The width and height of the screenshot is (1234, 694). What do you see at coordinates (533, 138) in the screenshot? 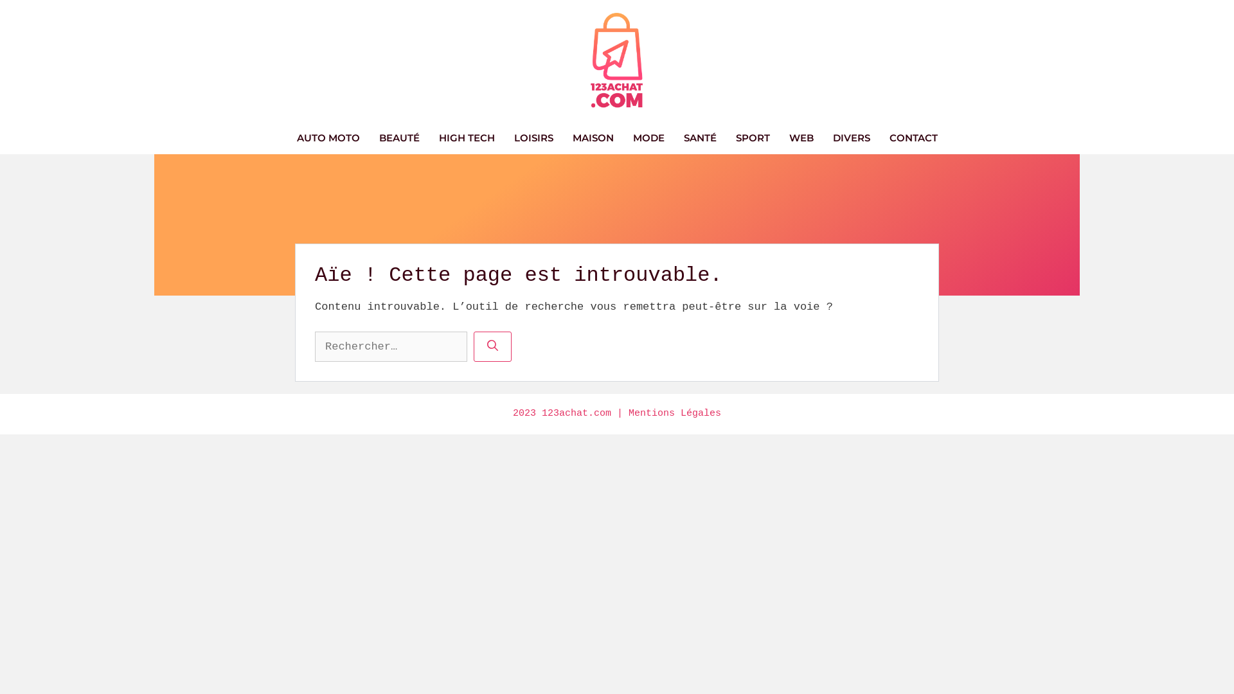
I see `'LOISIRS'` at bounding box center [533, 138].